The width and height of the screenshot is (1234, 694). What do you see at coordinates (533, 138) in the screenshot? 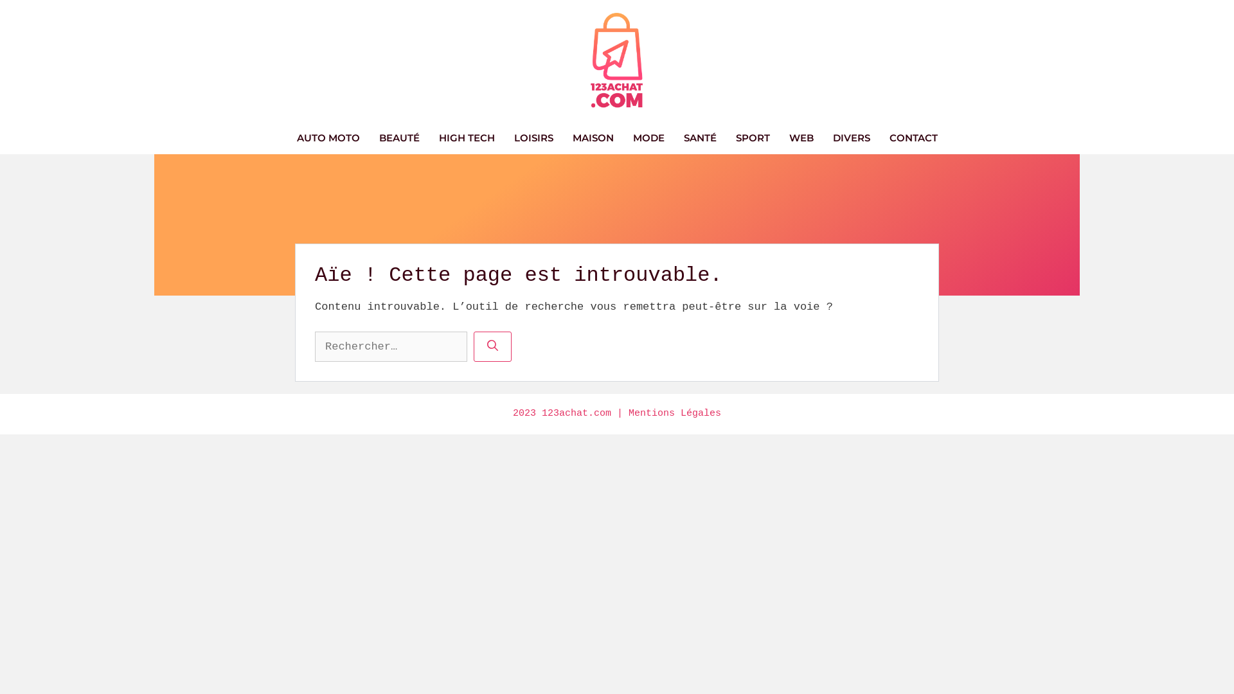
I see `'LOISIRS'` at bounding box center [533, 138].